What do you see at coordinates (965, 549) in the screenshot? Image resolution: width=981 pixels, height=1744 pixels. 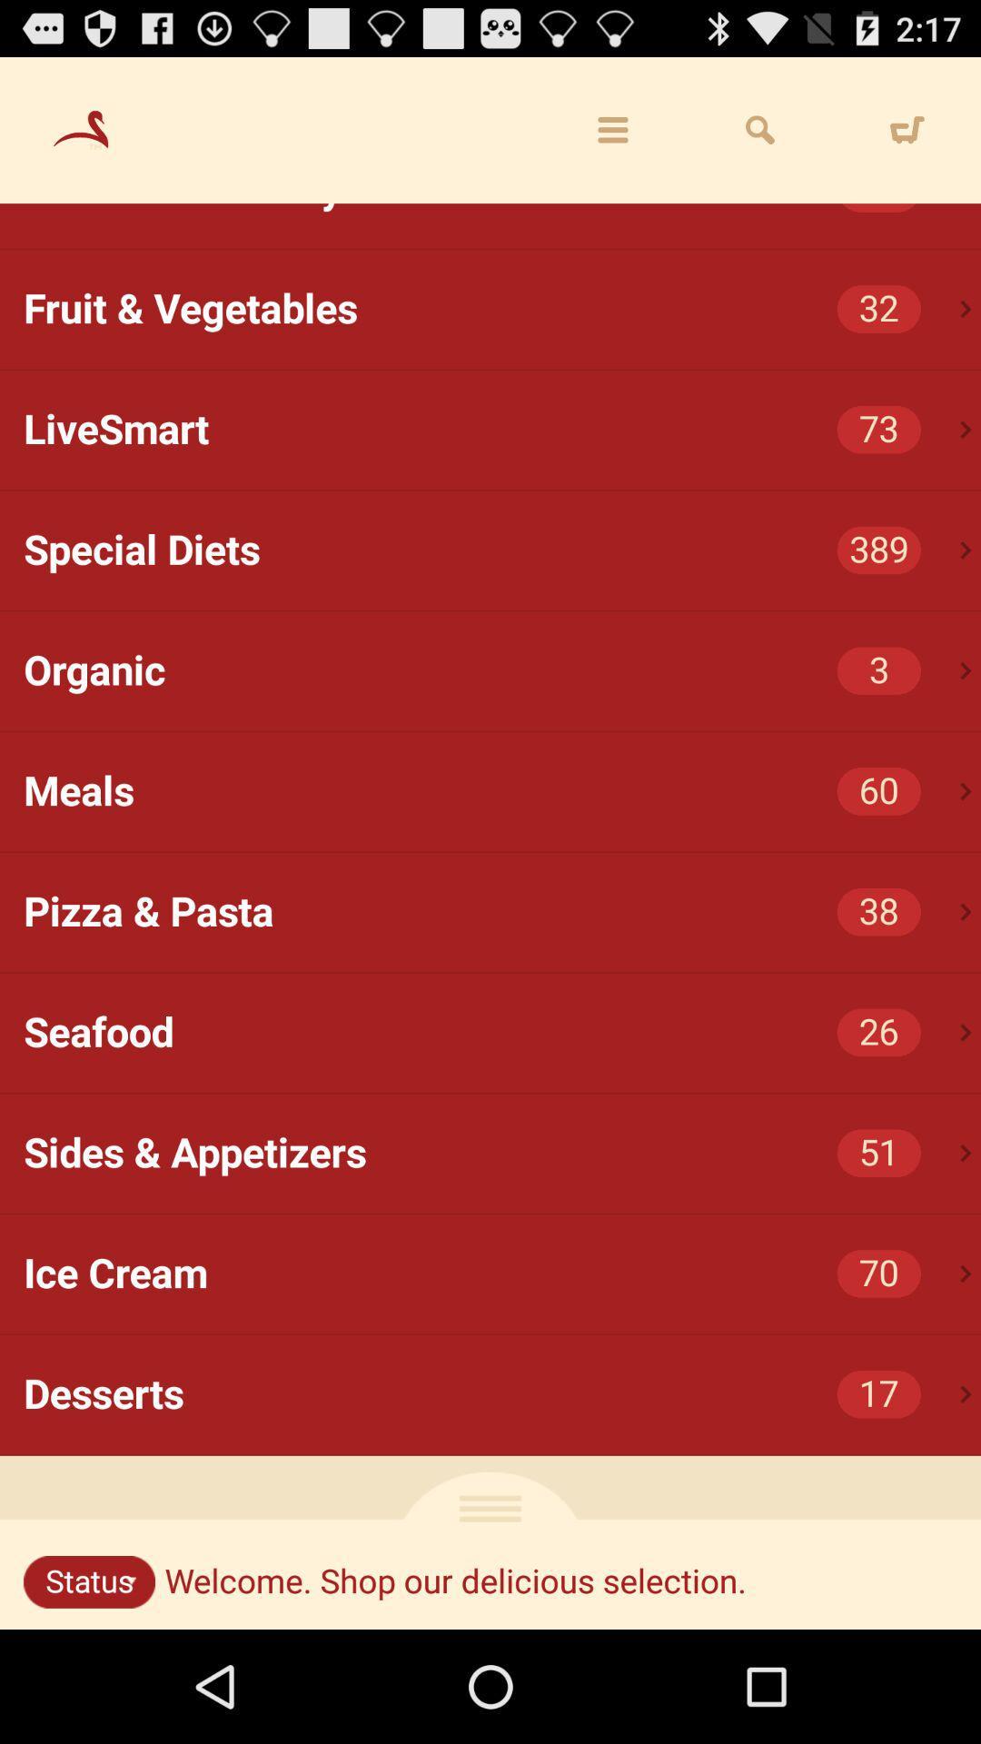 I see `the icon above organic icon` at bounding box center [965, 549].